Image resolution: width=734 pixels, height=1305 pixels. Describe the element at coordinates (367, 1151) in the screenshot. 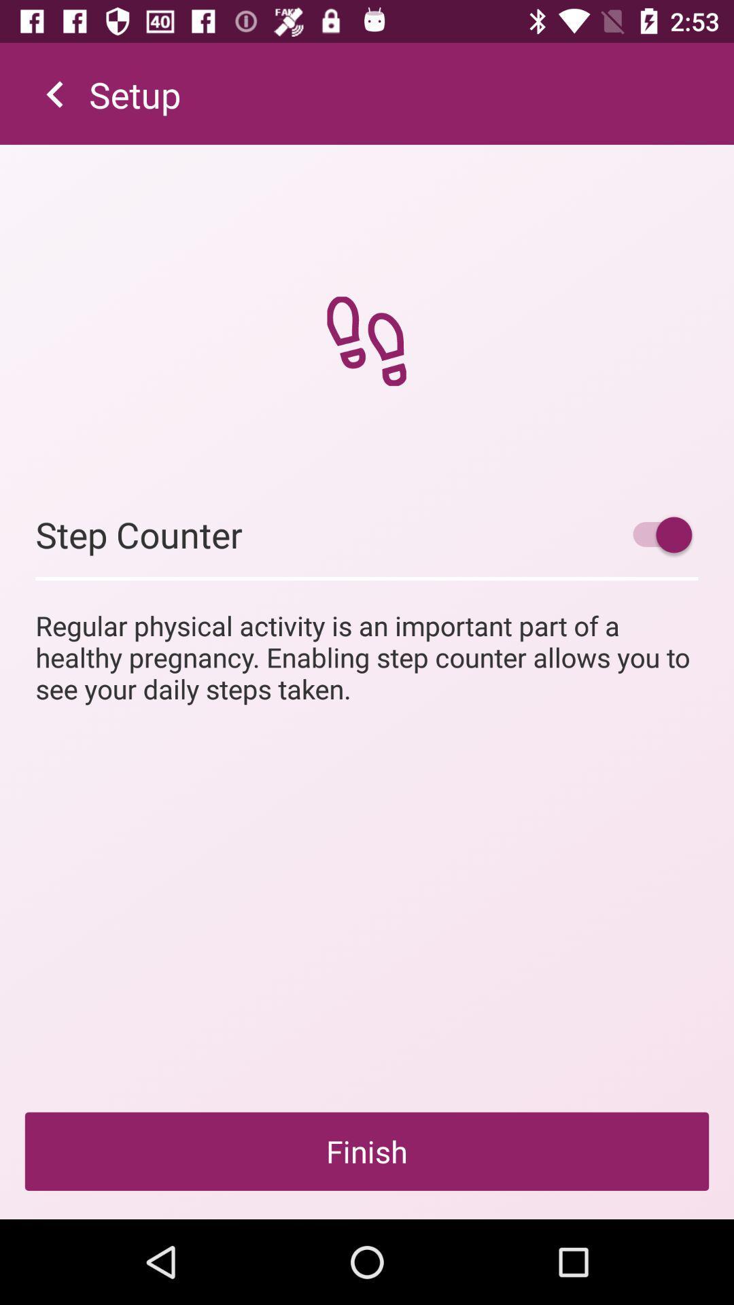

I see `item below regular physical activity icon` at that location.